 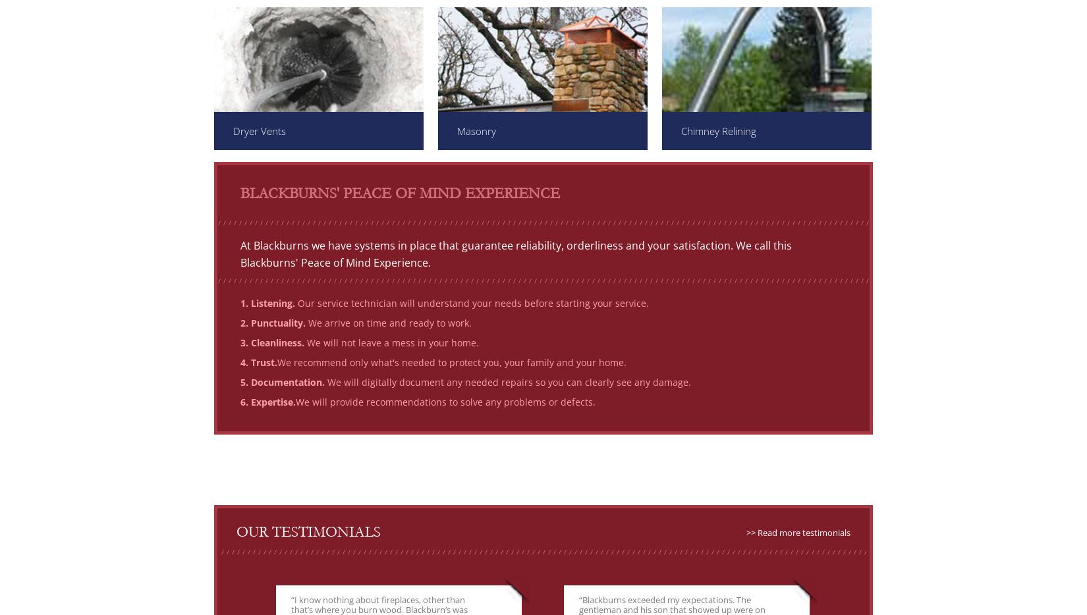 I want to click on 'Our service technician will understand your needs before starting your service.', so click(x=471, y=303).